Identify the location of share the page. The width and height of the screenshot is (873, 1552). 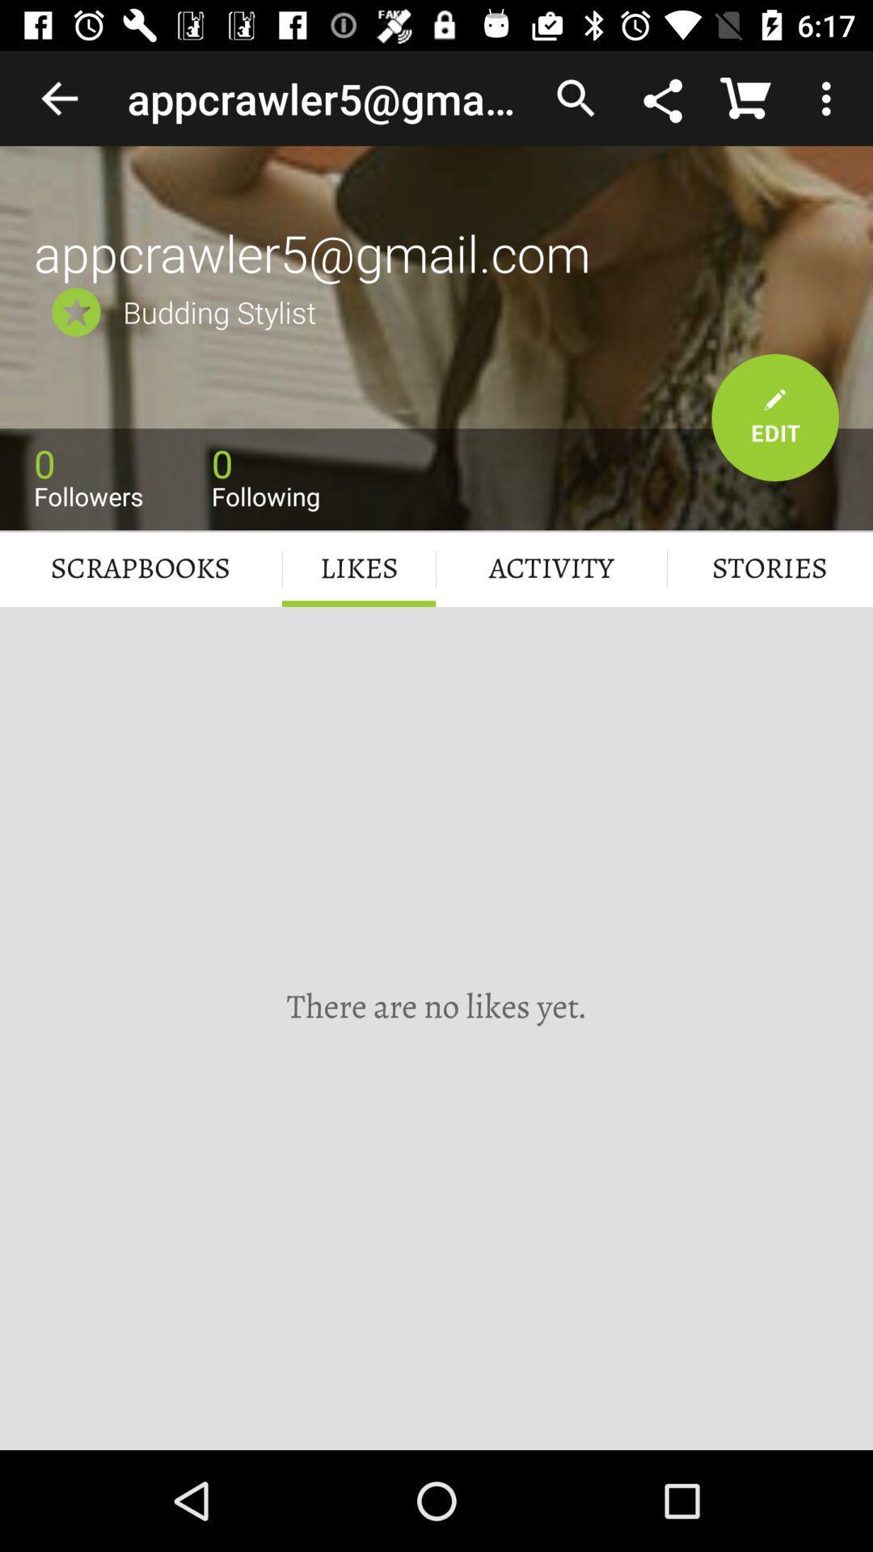
(664, 97).